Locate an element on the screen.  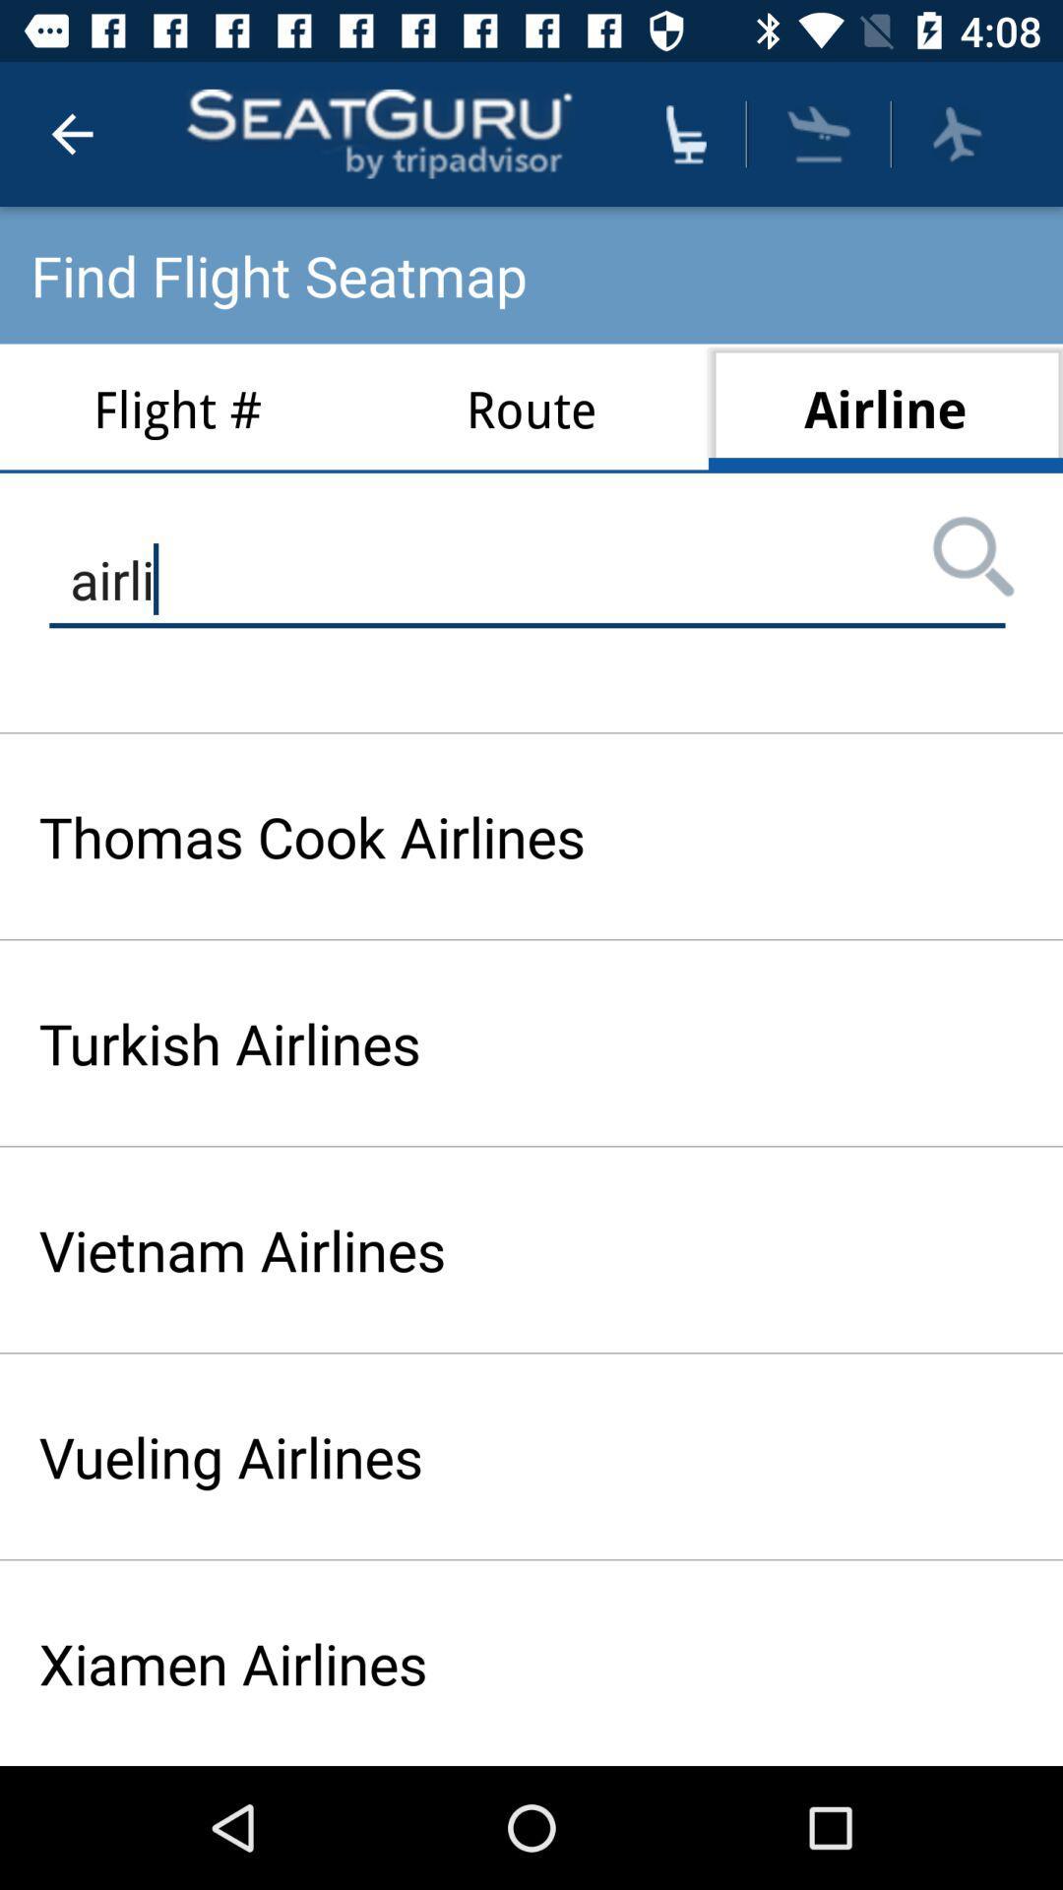
flights is located at coordinates (819, 133).